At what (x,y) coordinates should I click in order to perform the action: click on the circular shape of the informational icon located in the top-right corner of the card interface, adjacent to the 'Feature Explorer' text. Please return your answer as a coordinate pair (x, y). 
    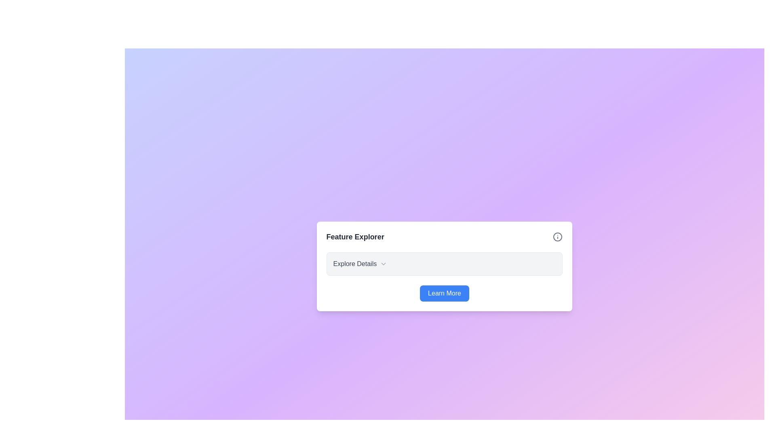
    Looking at the image, I should click on (557, 236).